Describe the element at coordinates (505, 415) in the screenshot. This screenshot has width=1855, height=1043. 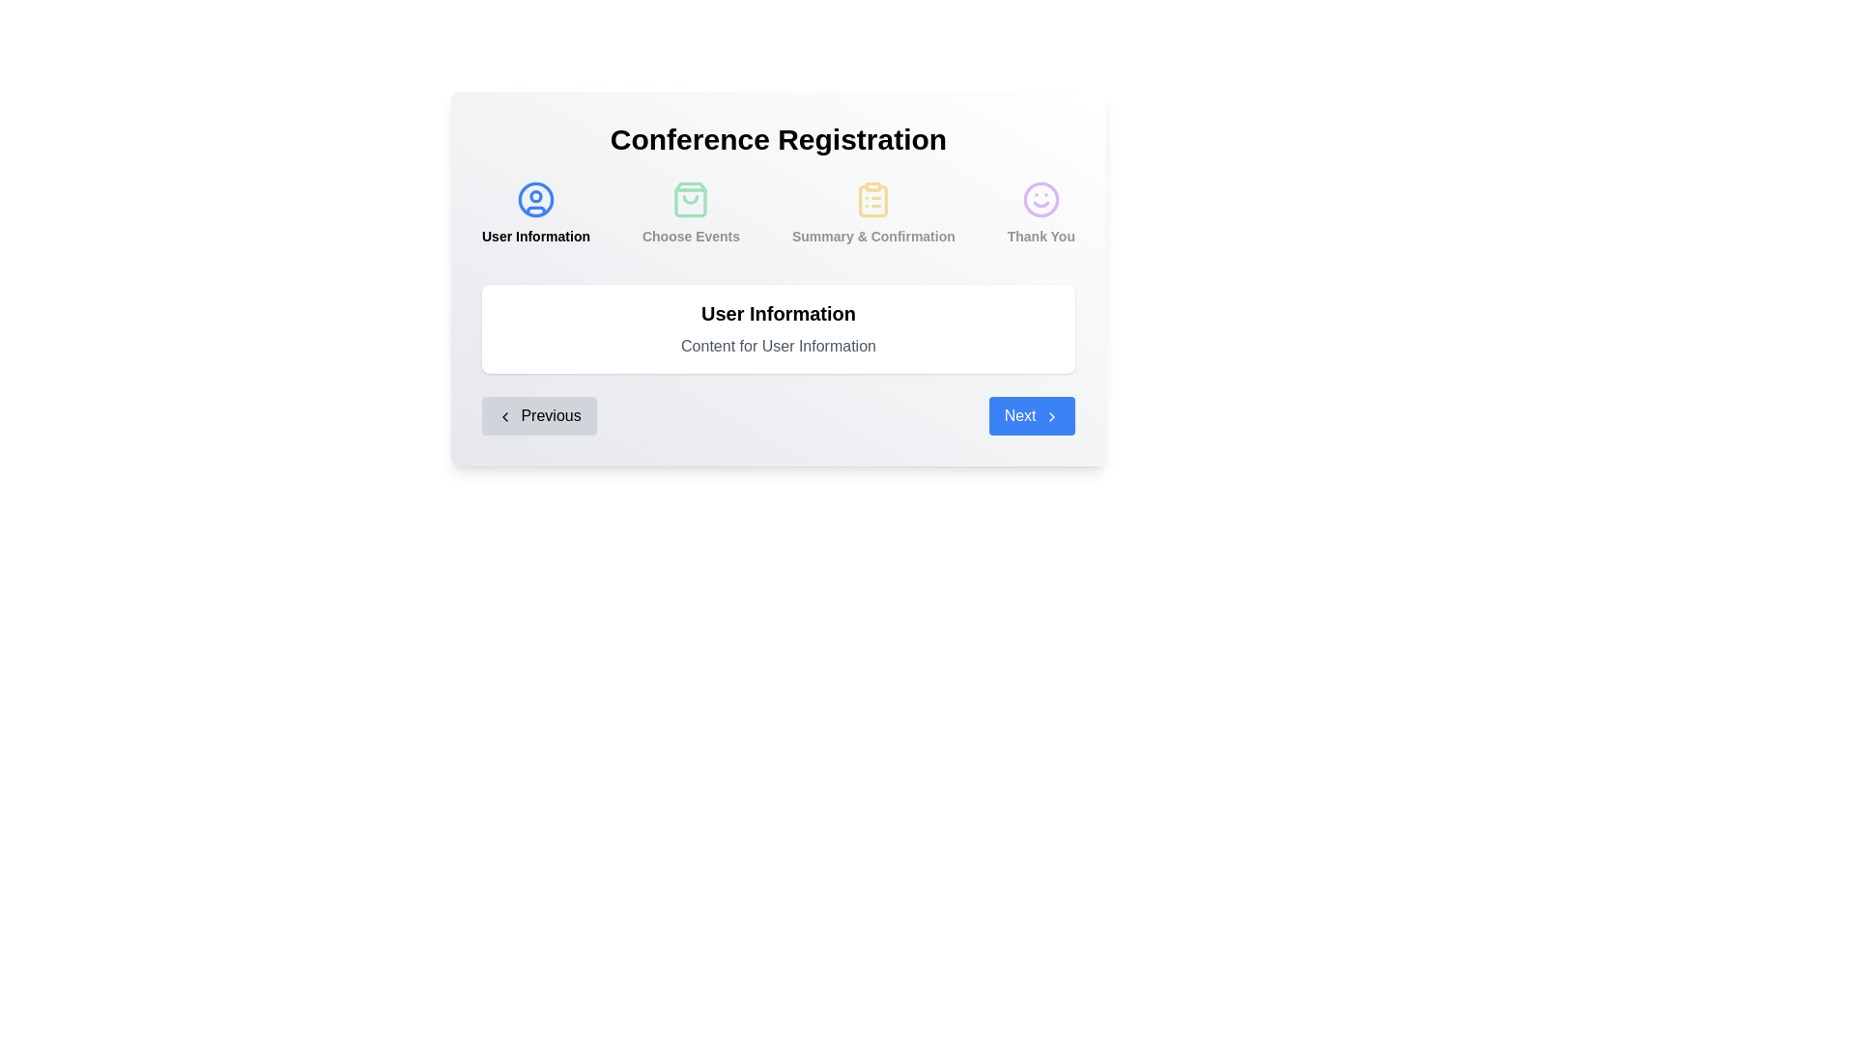
I see `the backward navigation arrow icon located inside the 'Previous' button` at that location.